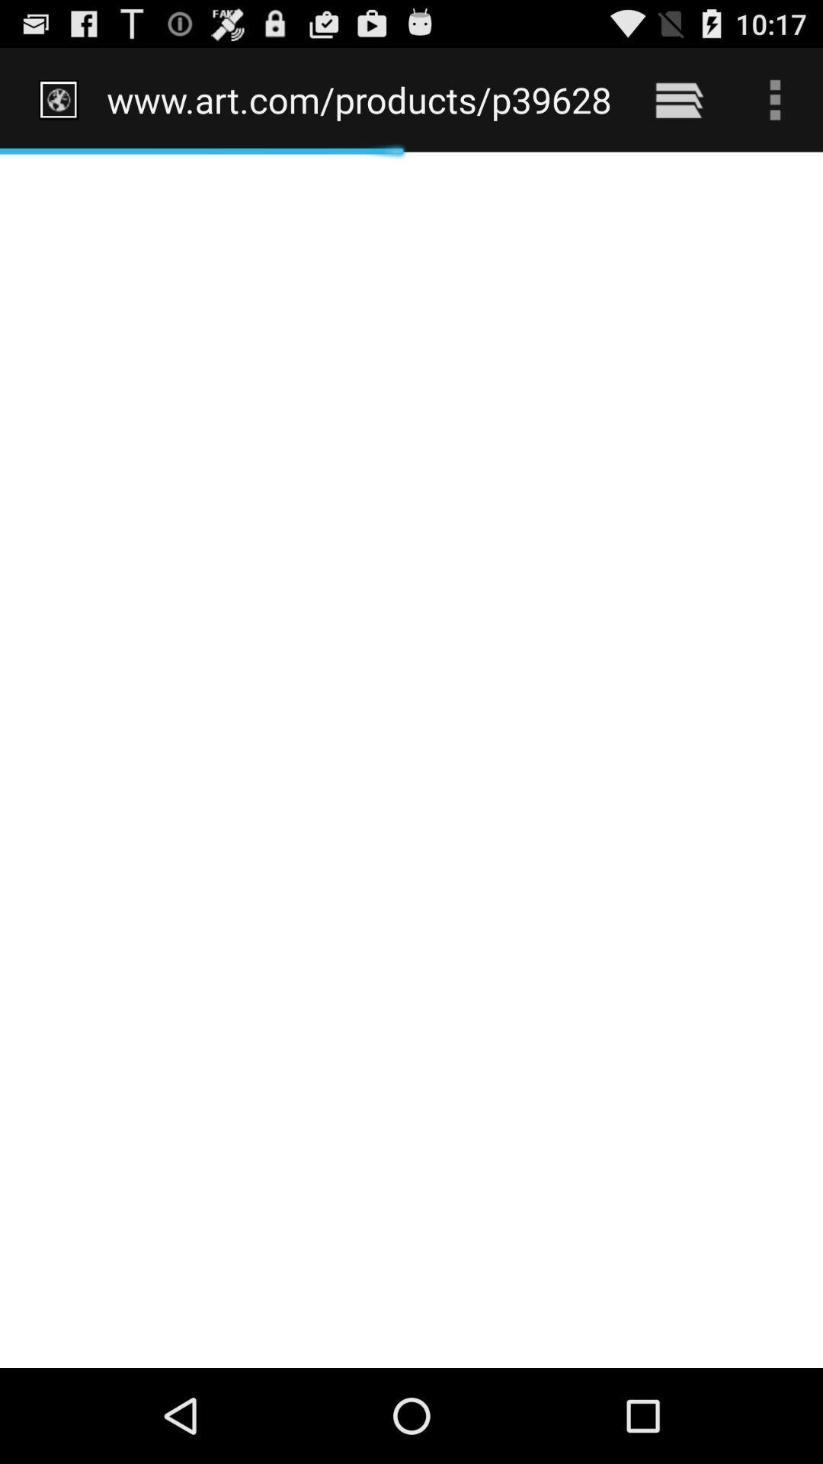  What do you see at coordinates (360, 99) in the screenshot?
I see `www art com icon` at bounding box center [360, 99].